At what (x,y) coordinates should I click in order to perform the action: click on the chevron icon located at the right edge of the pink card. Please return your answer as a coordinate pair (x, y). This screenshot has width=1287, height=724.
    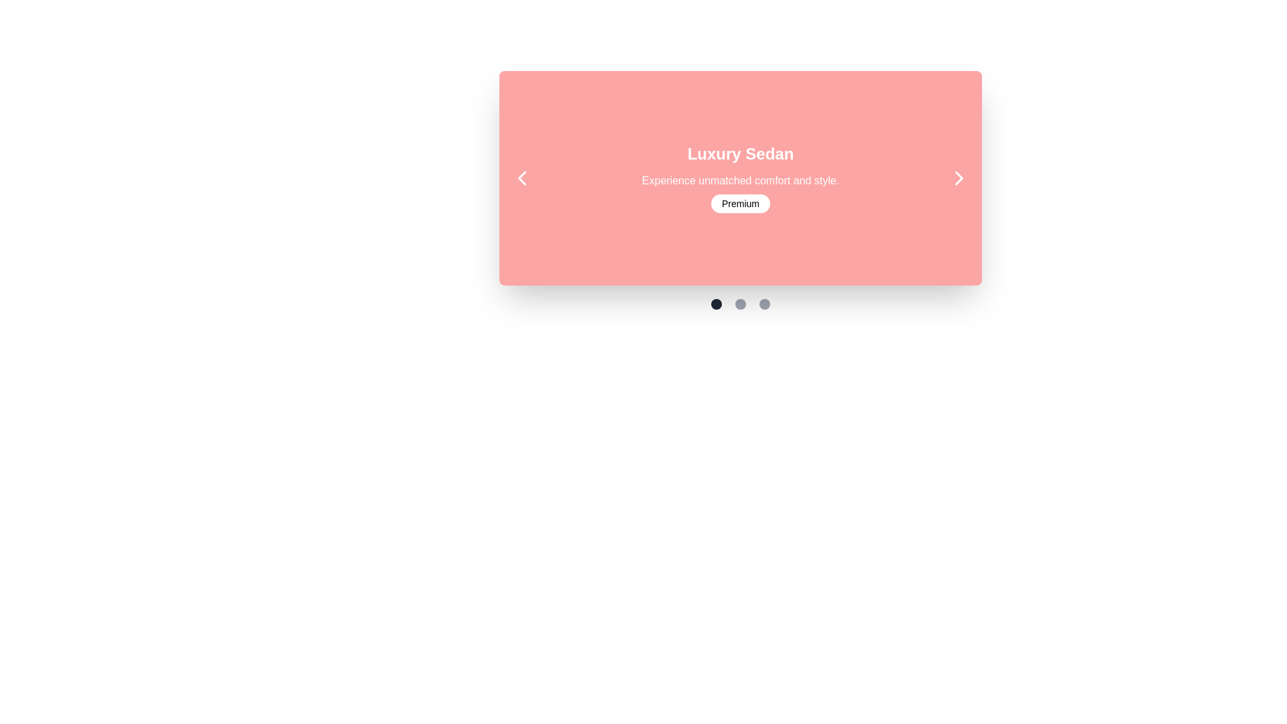
    Looking at the image, I should click on (958, 178).